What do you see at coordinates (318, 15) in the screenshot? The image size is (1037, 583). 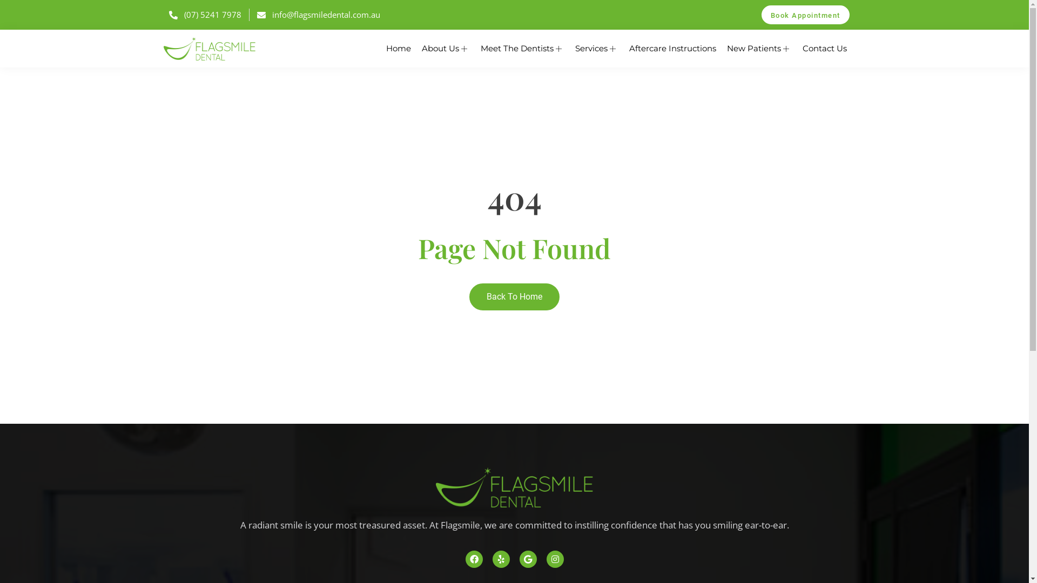 I see `'info@flagsmiledental.com.au'` at bounding box center [318, 15].